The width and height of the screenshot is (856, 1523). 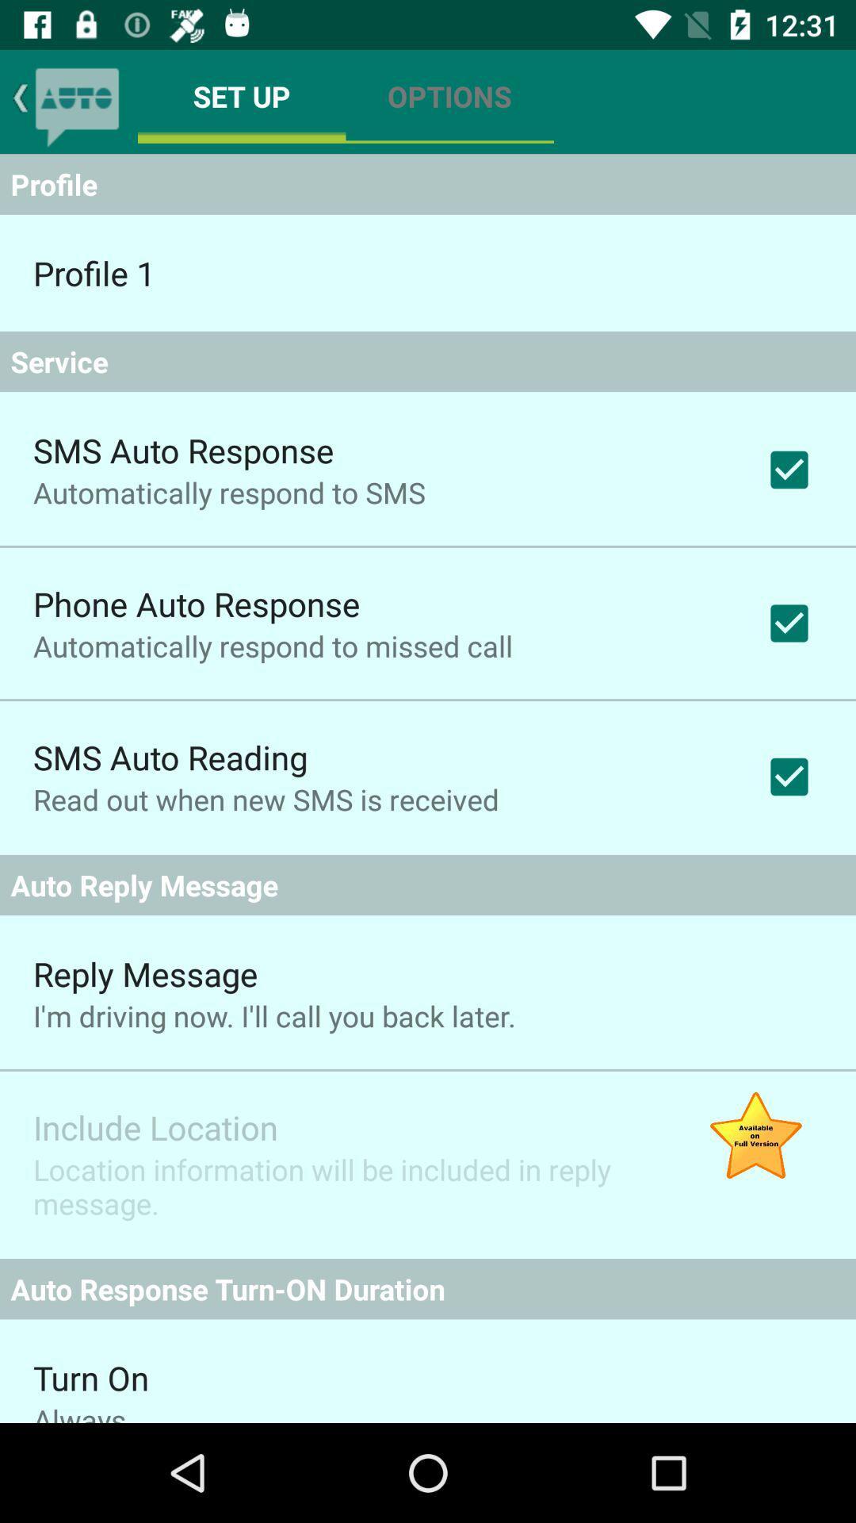 I want to click on auto response, so click(x=77, y=101).